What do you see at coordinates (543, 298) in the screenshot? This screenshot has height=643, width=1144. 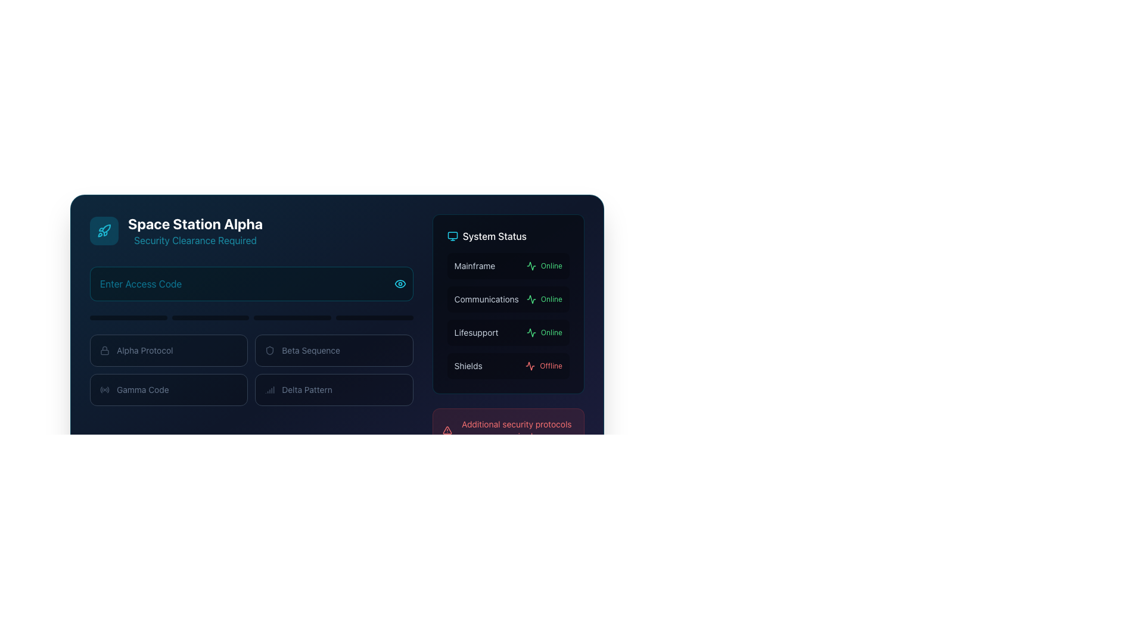 I see `the 'Online' text label, styled in green, located next to the heartbeat icon in the 'System Status' section` at bounding box center [543, 298].